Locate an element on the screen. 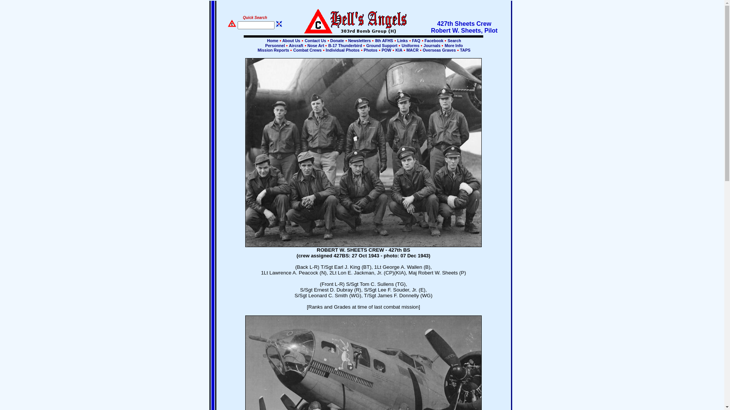  'TAPS' is located at coordinates (464, 50).